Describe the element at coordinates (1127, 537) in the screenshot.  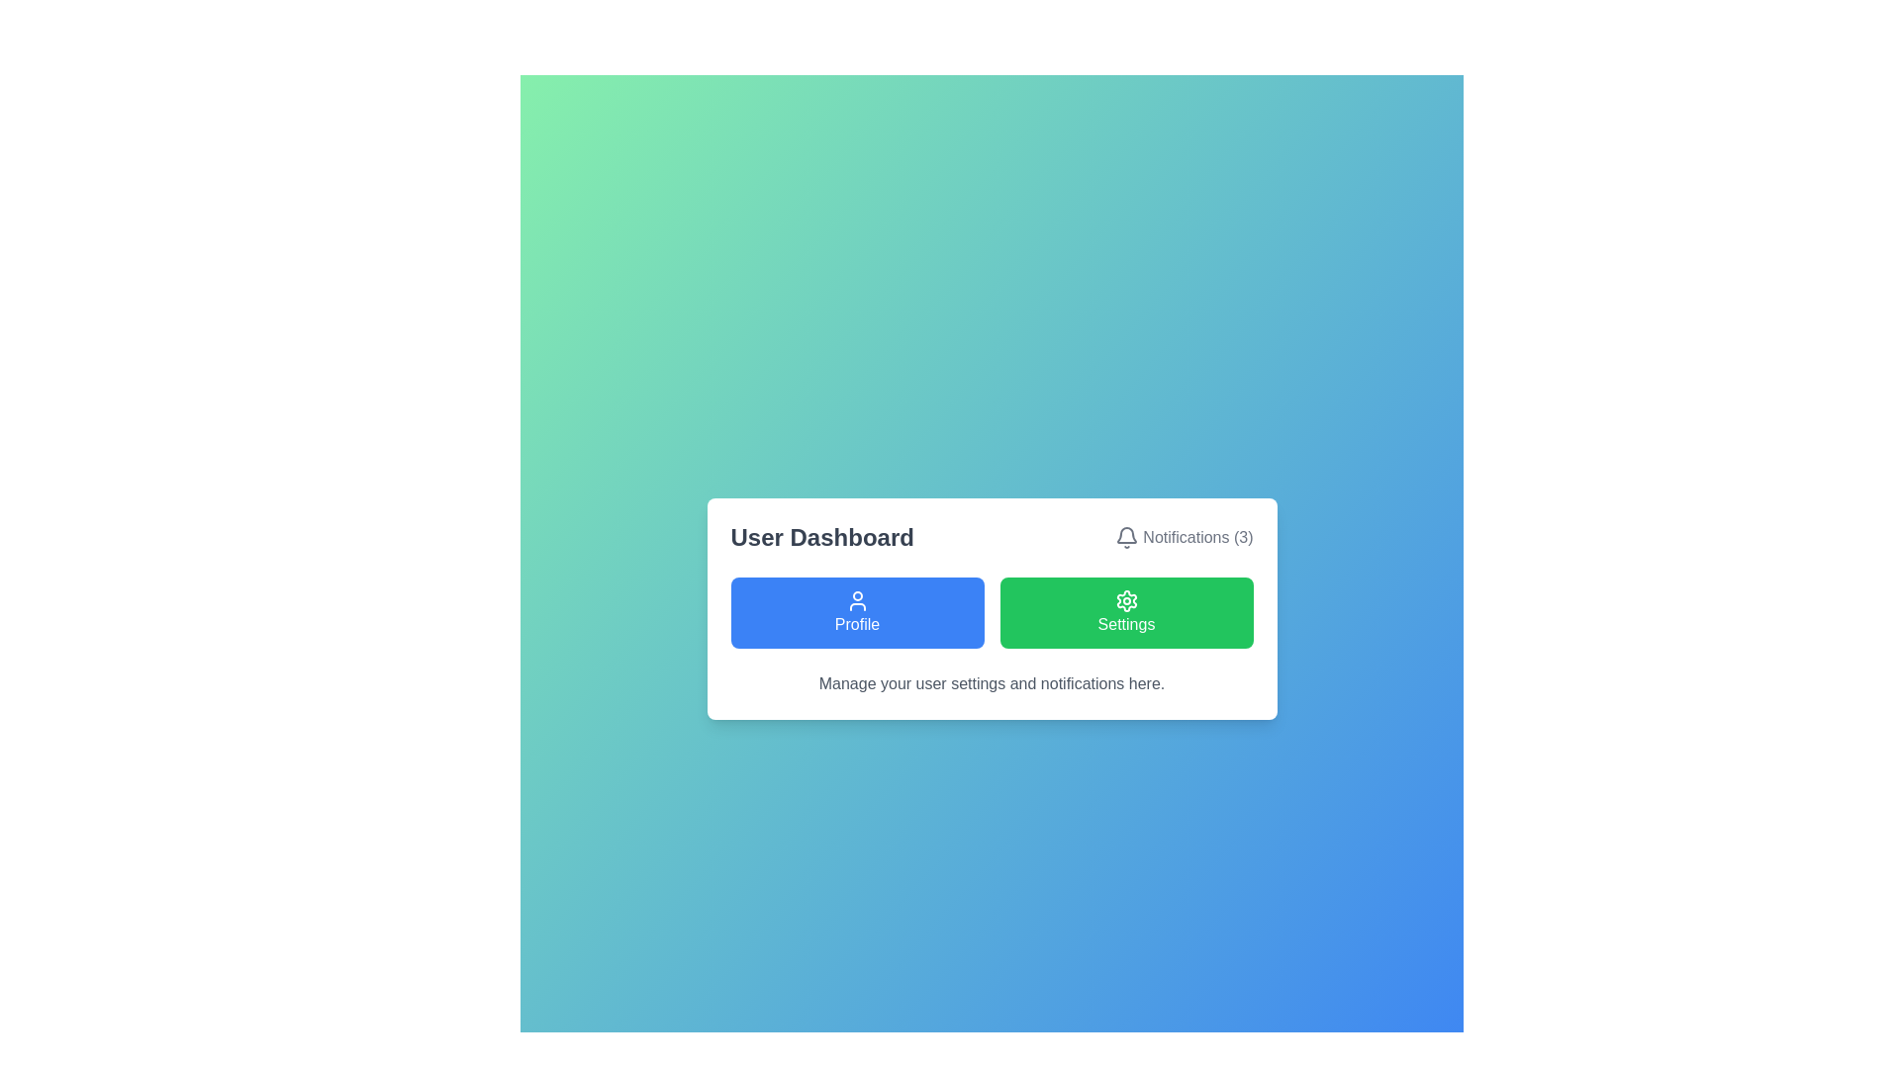
I see `the bell icon, which is styled with simple, thin lines and colored dark gray or black, located to the left of the 'Notifications (3)' text at the top-right corner of the dashboard card` at that location.